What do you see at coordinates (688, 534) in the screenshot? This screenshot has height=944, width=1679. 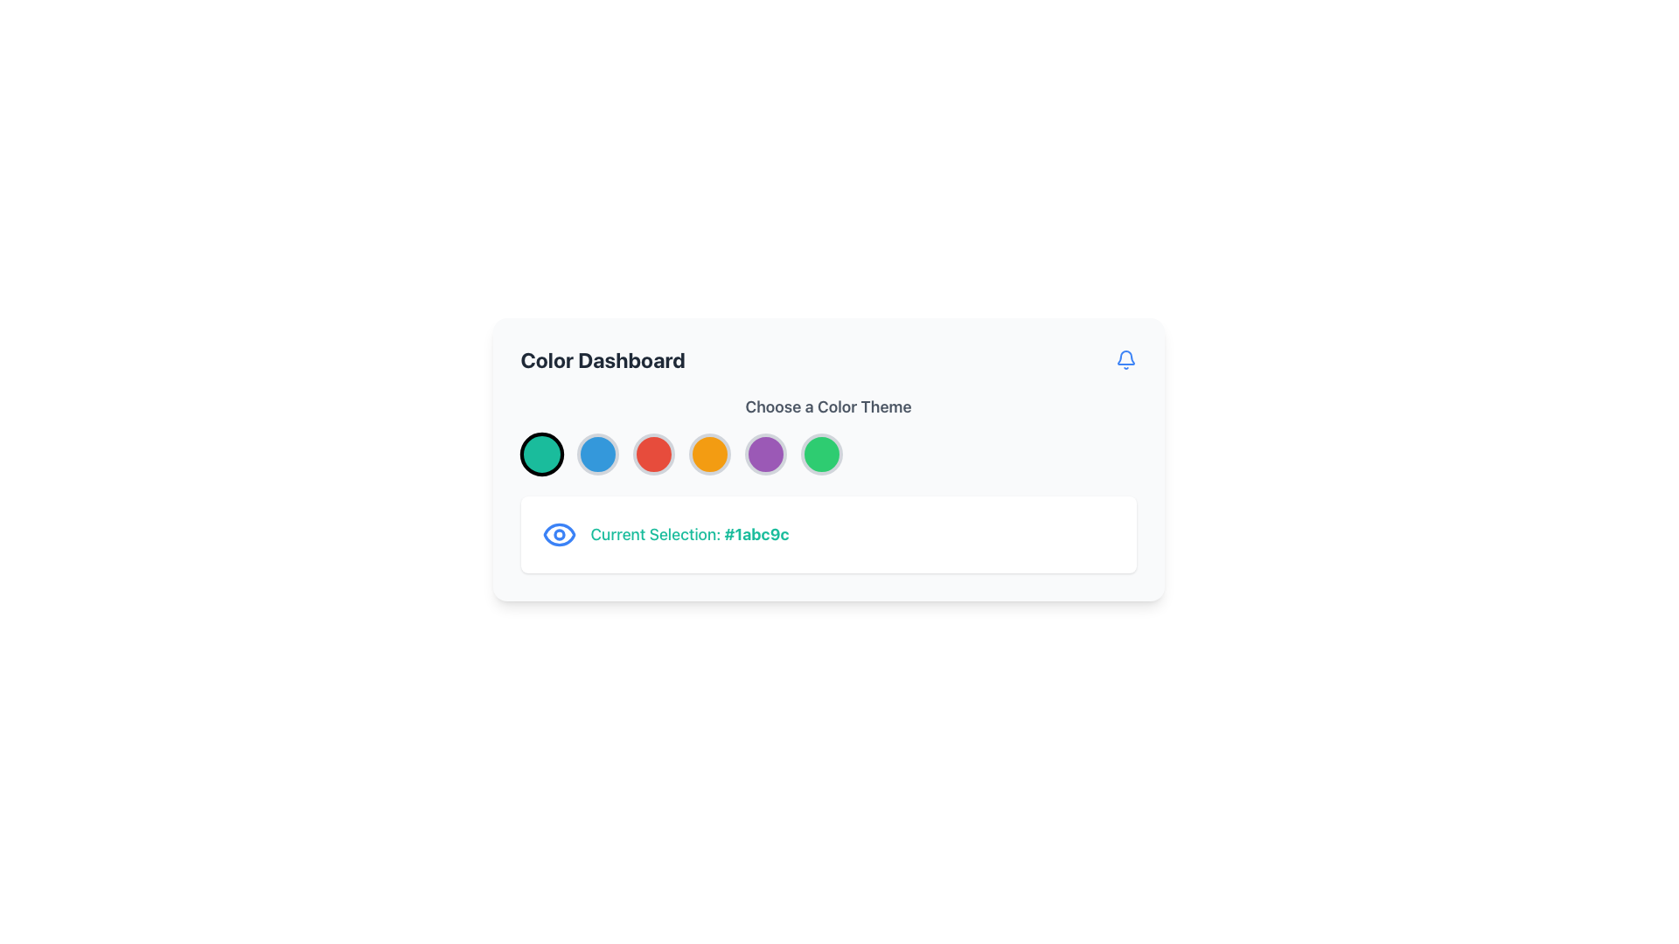 I see `the static text label that displays the currently selected color code in hexadecimal format, located towards the center-right inside a white card area below the color dashboard` at bounding box center [688, 534].